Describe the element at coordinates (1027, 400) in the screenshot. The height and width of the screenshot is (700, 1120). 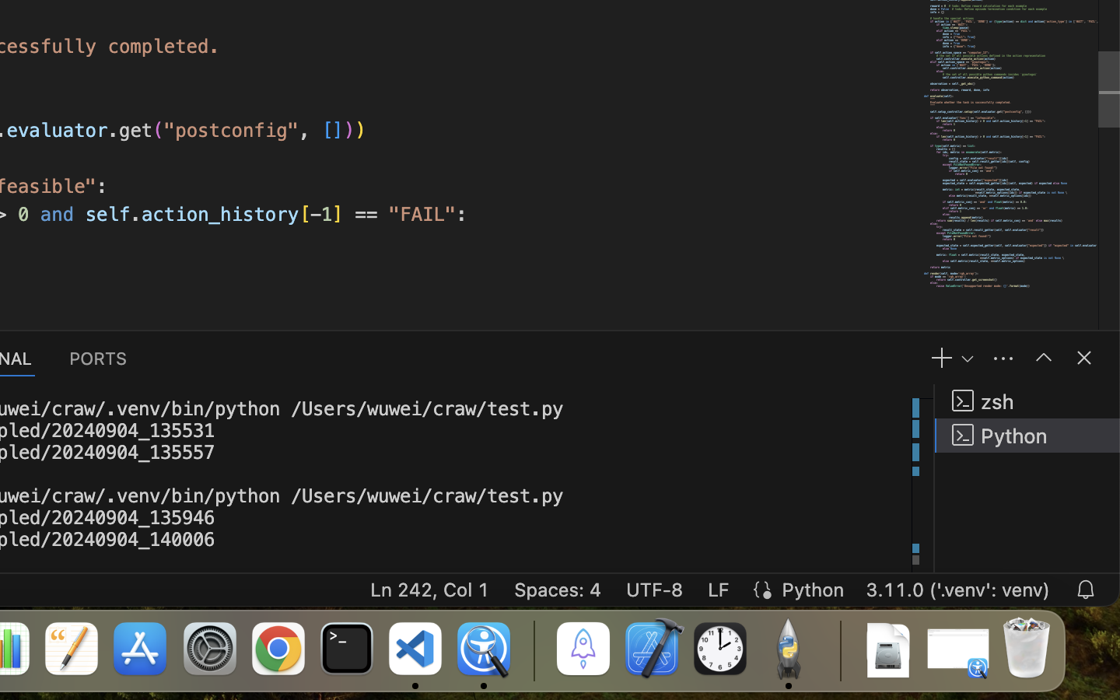
I see `'zsh '` at that location.